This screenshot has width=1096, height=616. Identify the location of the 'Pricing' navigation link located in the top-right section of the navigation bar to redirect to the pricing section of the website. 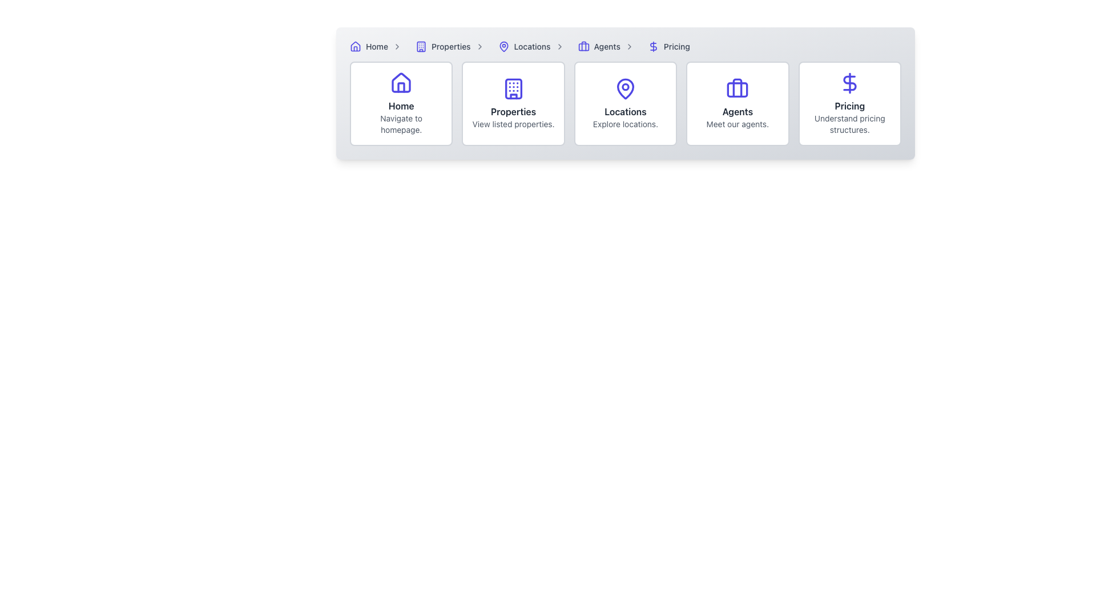
(676, 46).